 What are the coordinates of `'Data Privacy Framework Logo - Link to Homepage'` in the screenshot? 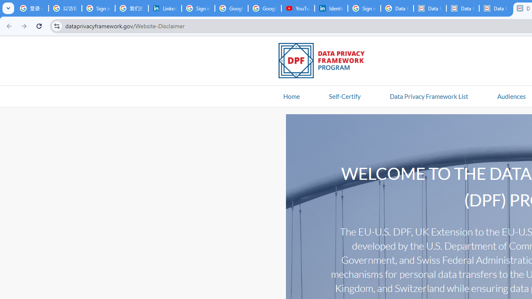 It's located at (325, 61).